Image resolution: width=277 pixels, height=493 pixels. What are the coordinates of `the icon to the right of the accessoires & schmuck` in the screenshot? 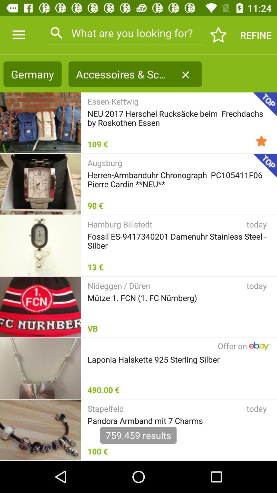 It's located at (185, 74).